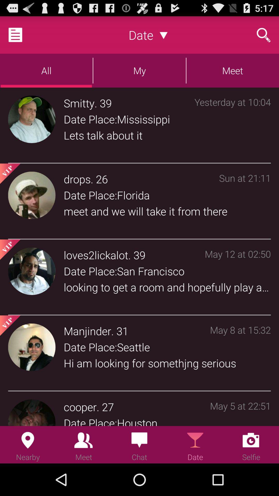 Image resolution: width=279 pixels, height=496 pixels. What do you see at coordinates (77, 179) in the screenshot?
I see `the drops icon` at bounding box center [77, 179].